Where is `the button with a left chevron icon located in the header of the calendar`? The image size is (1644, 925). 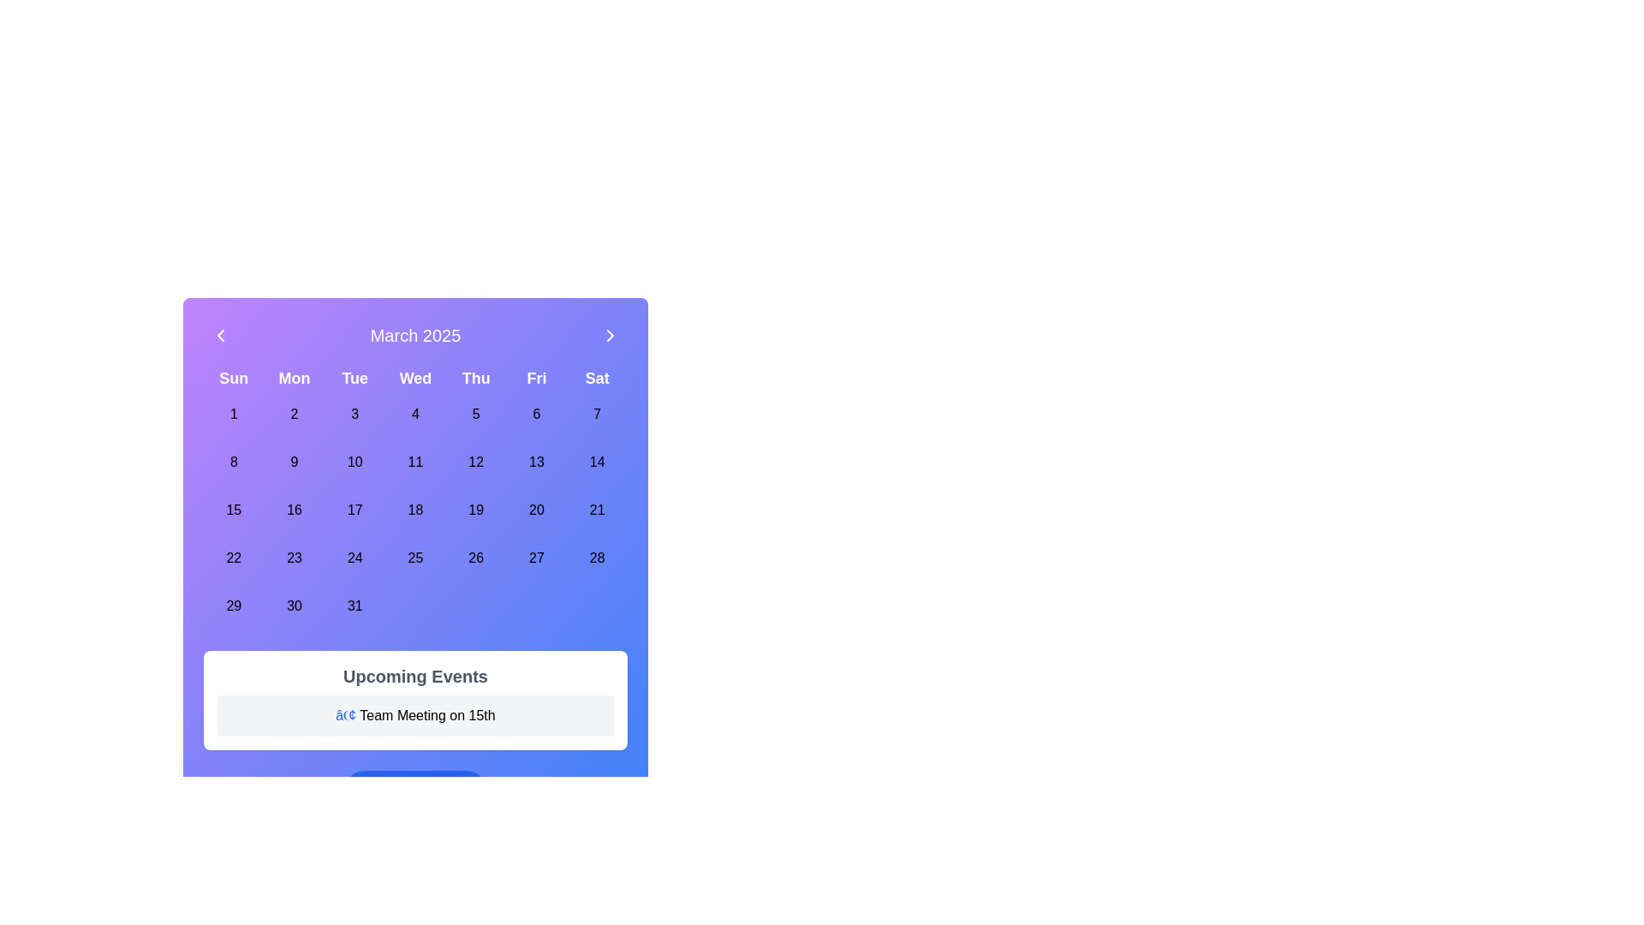 the button with a left chevron icon located in the header of the calendar is located at coordinates (220, 336).